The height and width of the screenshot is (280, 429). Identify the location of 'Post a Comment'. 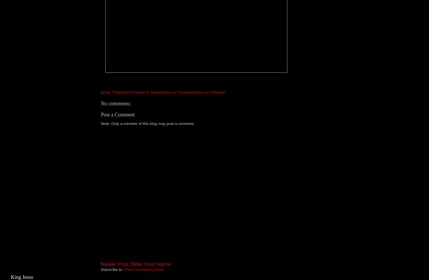
(118, 114).